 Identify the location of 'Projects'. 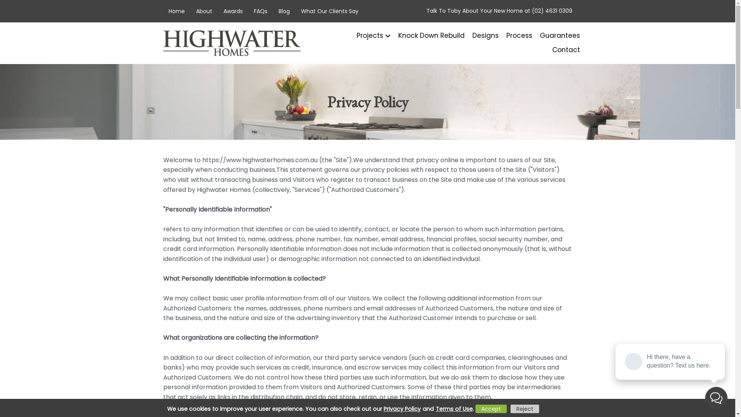
(368, 36).